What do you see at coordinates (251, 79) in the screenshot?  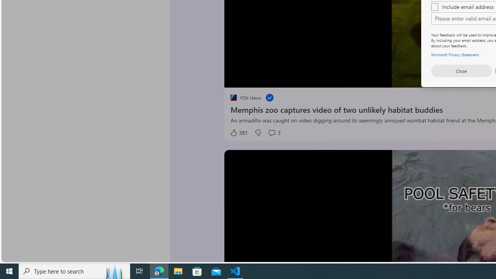 I see `'Seek Back'` at bounding box center [251, 79].